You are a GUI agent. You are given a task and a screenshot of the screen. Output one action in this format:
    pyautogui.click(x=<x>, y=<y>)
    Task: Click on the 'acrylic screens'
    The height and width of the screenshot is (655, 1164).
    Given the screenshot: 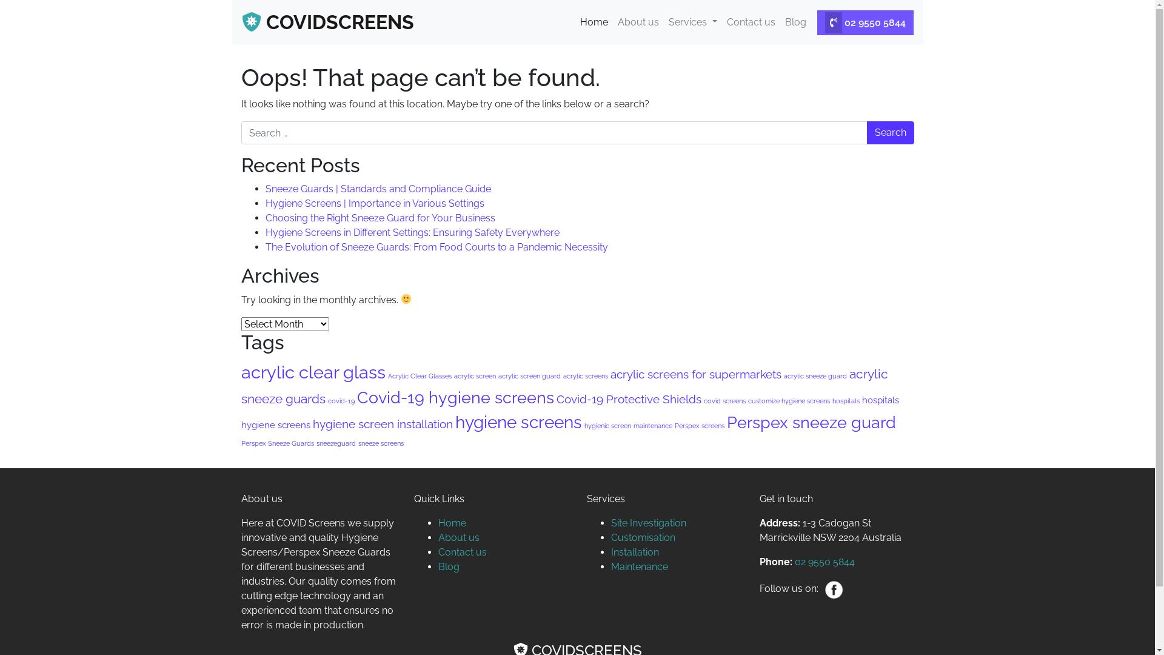 What is the action you would take?
    pyautogui.click(x=584, y=375)
    